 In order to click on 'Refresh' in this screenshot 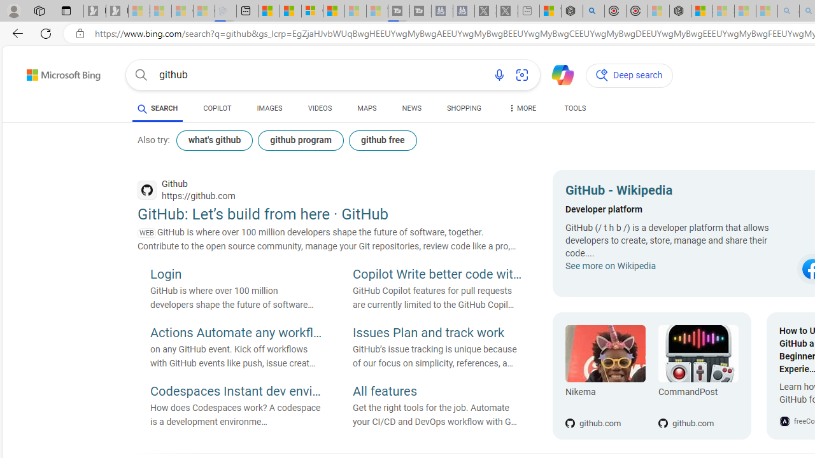, I will do `click(46, 32)`.